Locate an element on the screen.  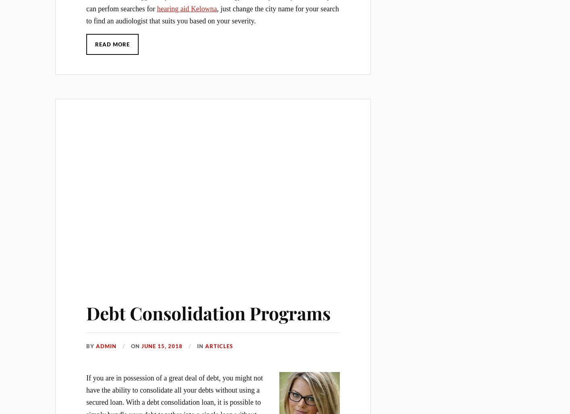
'In' is located at coordinates (201, 346).